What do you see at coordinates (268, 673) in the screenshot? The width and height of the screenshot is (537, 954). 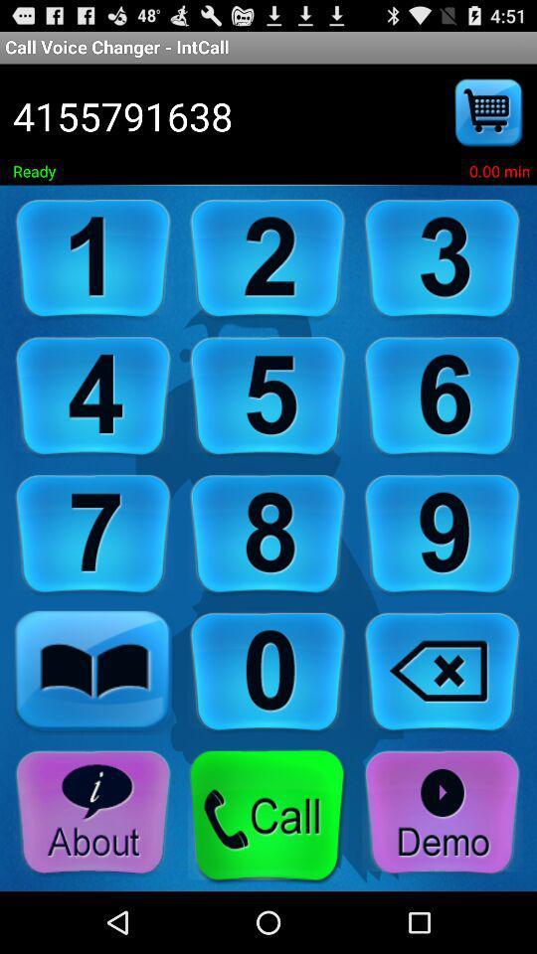 I see `number` at bounding box center [268, 673].